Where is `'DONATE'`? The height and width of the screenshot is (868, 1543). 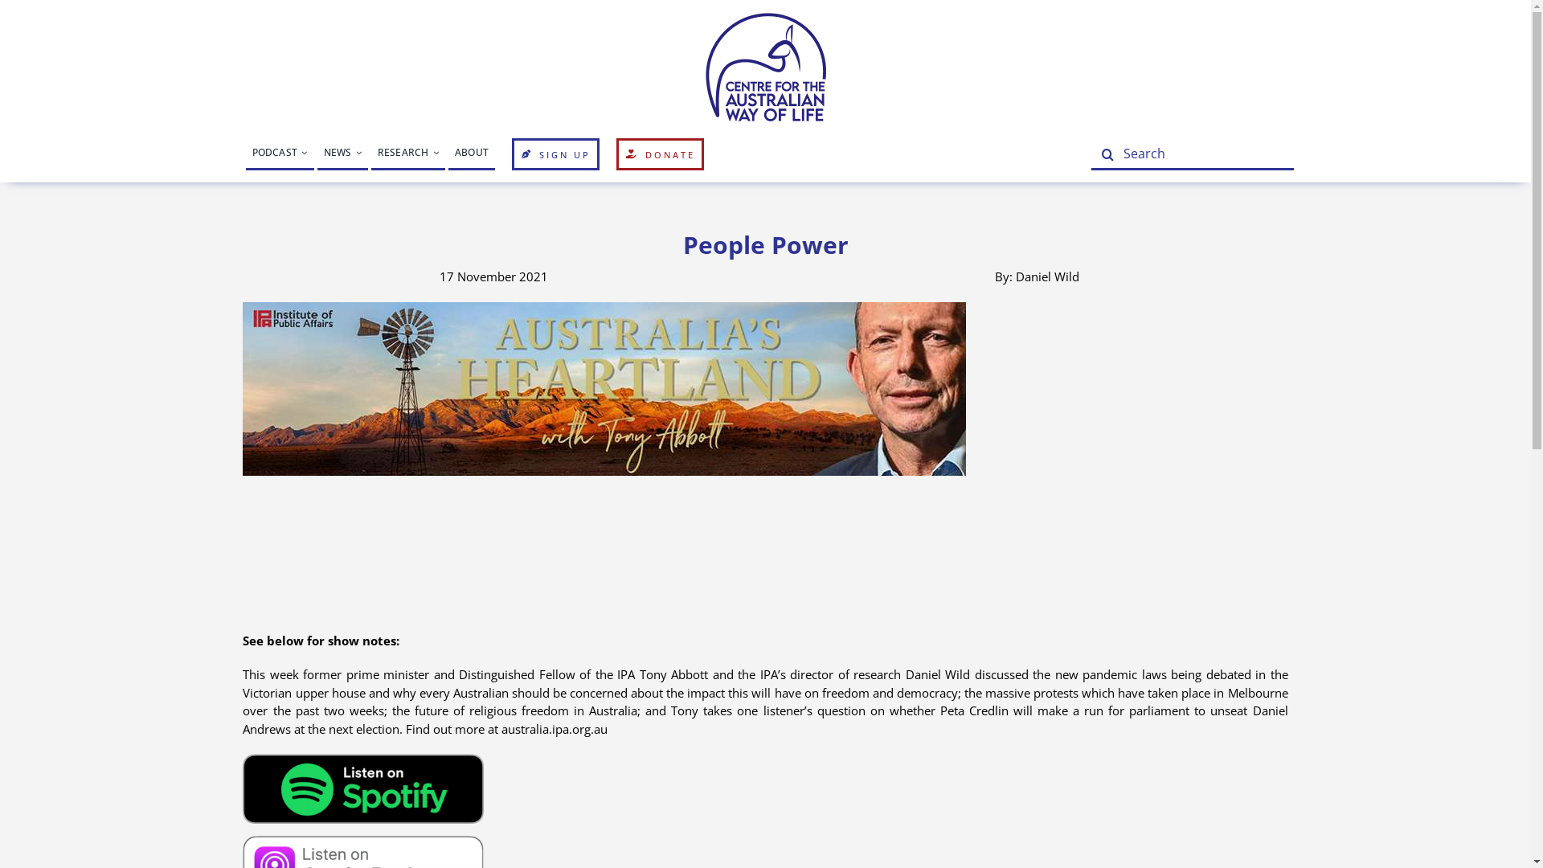 'DONATE' is located at coordinates (660, 154).